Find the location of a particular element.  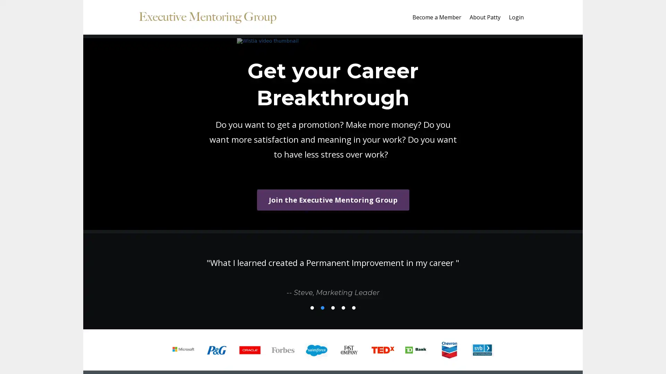

2 is located at coordinates (322, 307).